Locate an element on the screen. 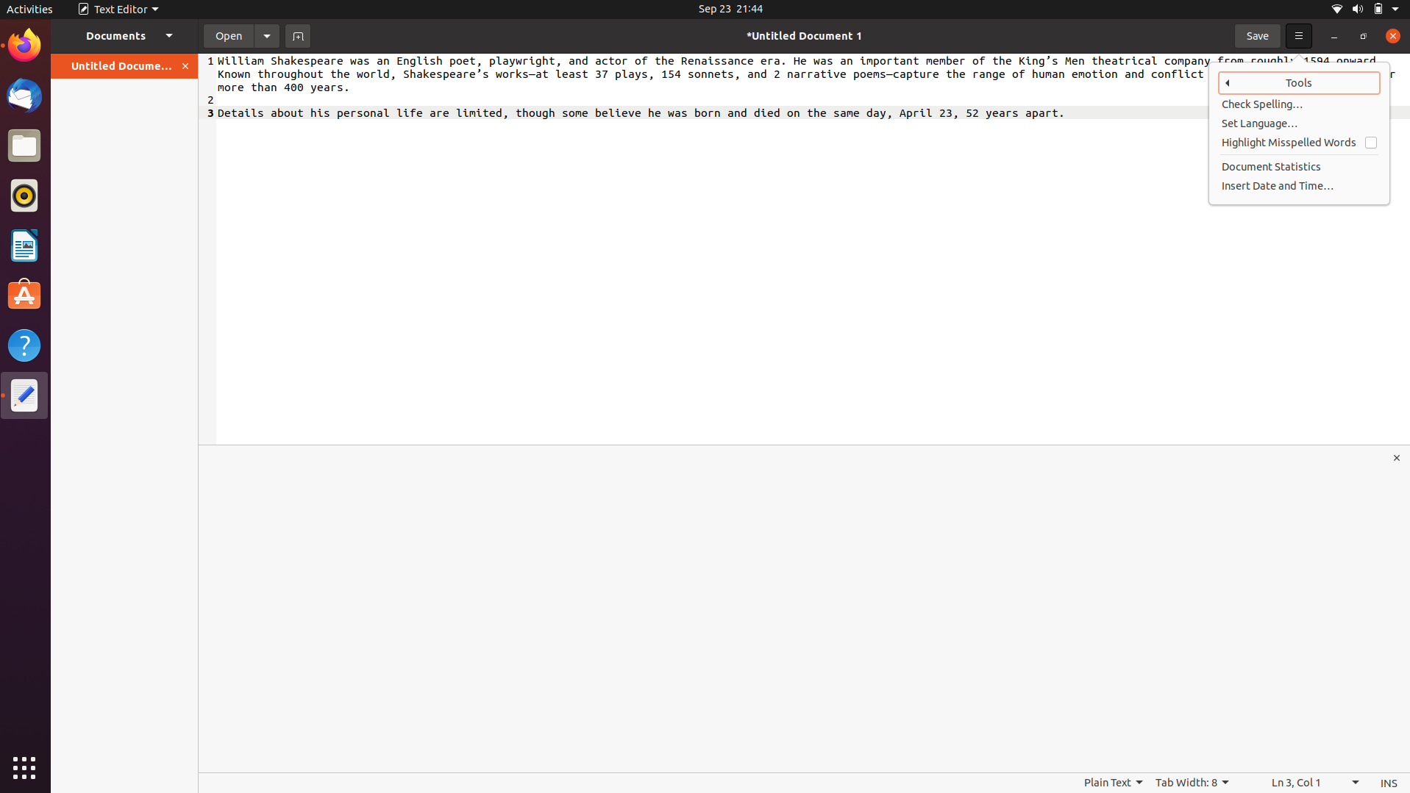 This screenshot has width=1410, height=793. Change the file format to HTML is located at coordinates (1112, 783).